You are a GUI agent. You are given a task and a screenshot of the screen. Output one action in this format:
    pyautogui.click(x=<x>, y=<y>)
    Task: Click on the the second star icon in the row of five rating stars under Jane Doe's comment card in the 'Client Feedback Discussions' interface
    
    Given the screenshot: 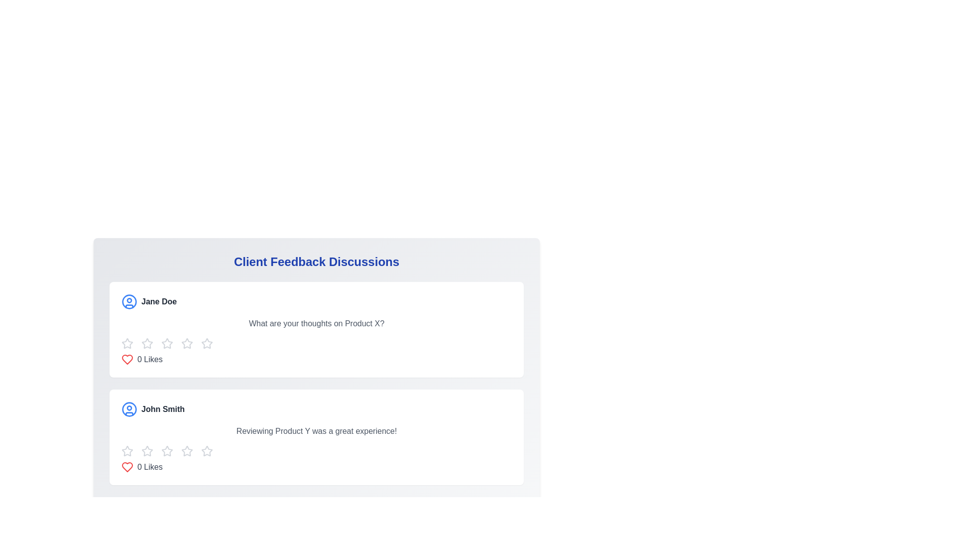 What is the action you would take?
    pyautogui.click(x=187, y=343)
    